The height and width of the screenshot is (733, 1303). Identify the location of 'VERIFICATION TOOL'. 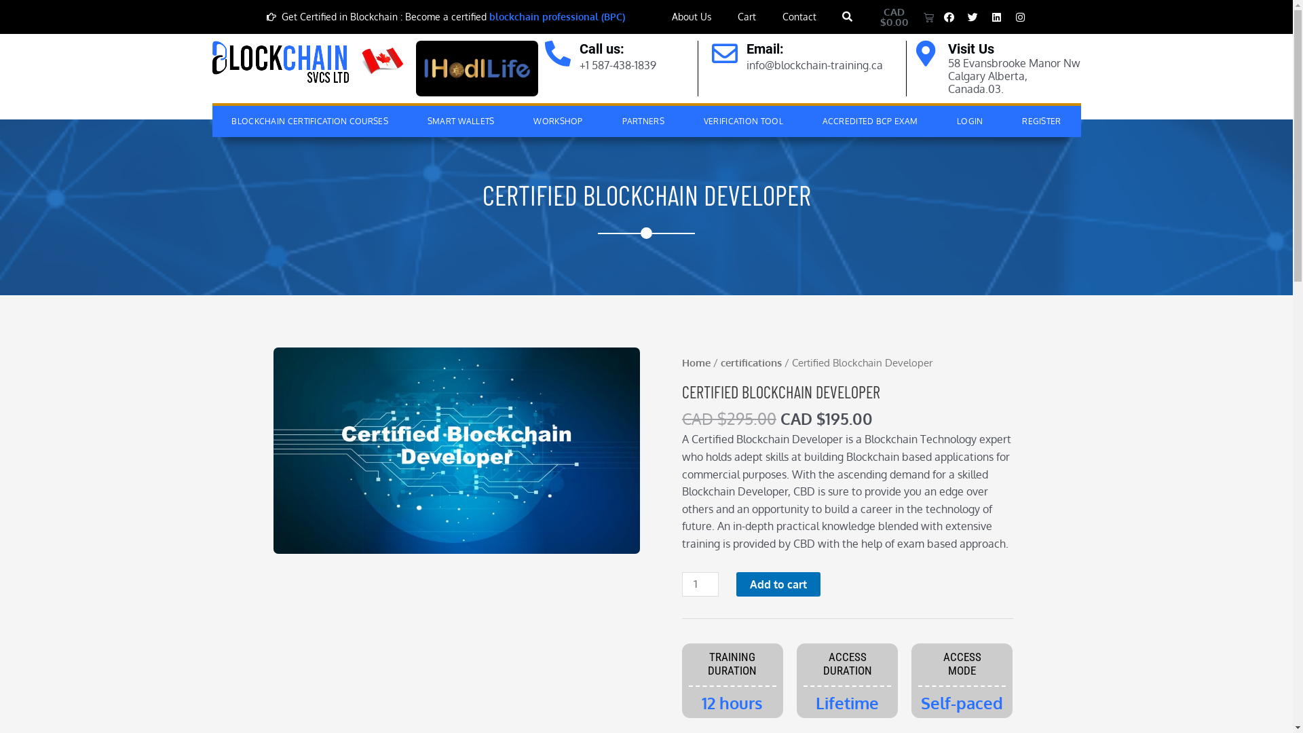
(742, 120).